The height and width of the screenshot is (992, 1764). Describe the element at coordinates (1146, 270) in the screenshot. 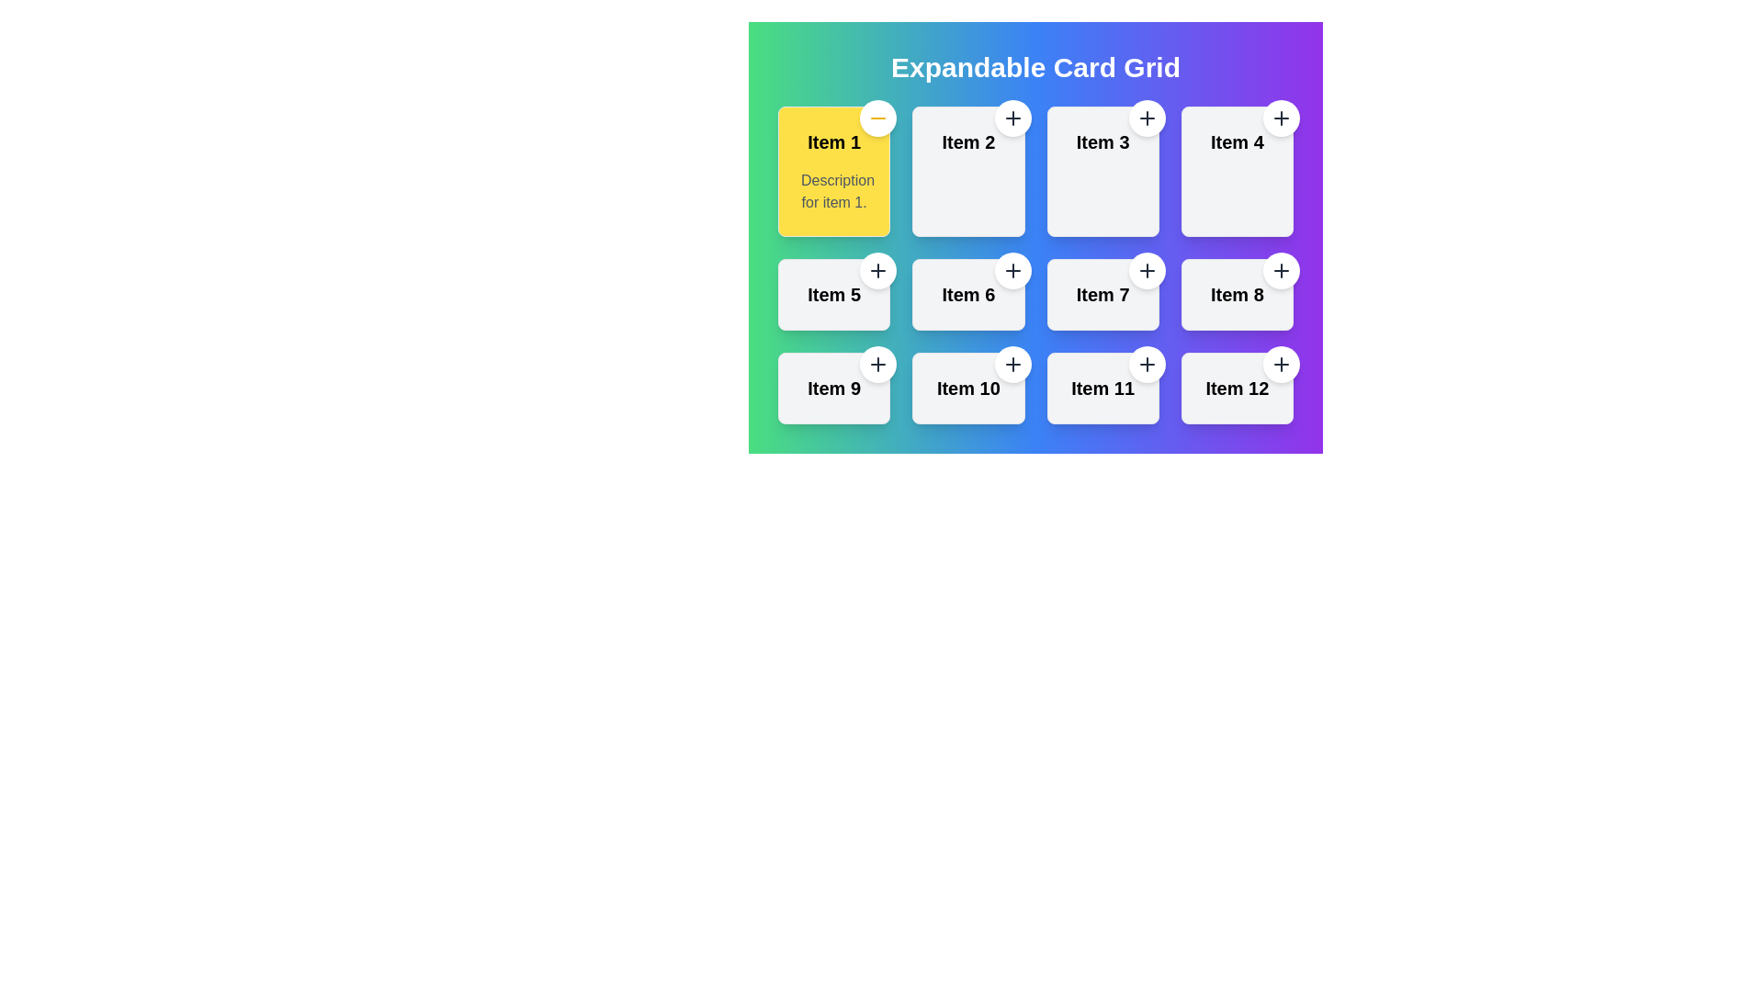

I see `the plus icon located in the top-right corner of the 'Item 7' card to initiate an add or expand action` at that location.